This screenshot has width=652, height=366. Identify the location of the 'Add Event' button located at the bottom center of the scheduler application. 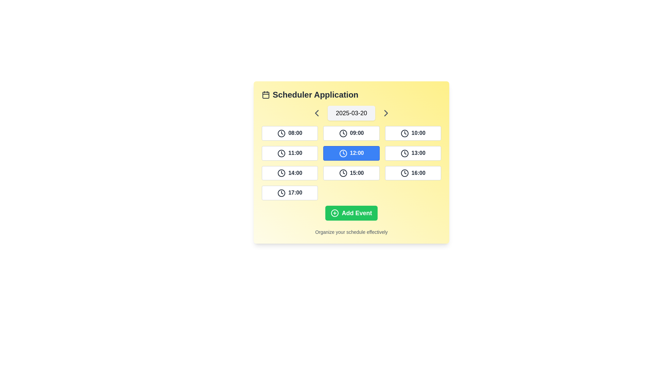
(351, 213).